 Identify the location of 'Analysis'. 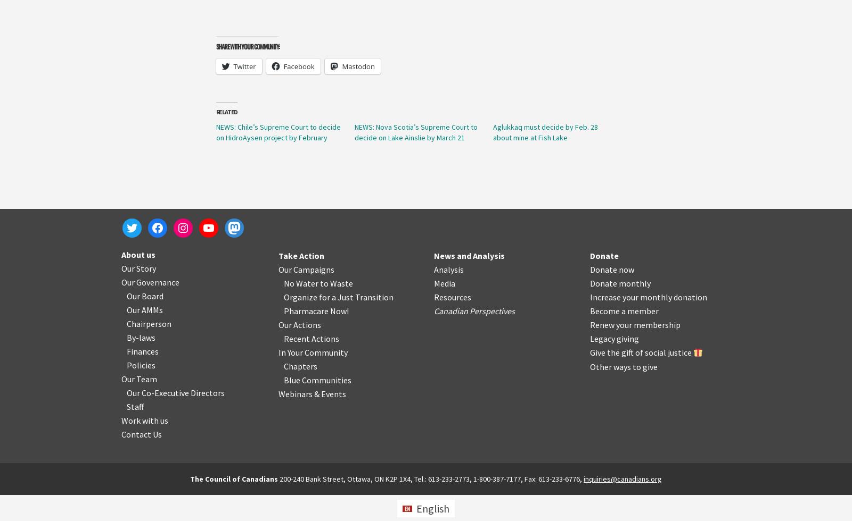
(448, 269).